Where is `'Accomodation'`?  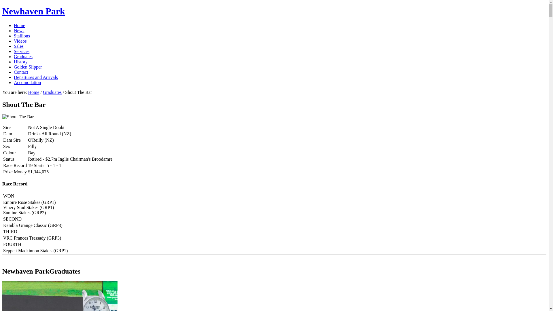
'Accomodation' is located at coordinates (27, 82).